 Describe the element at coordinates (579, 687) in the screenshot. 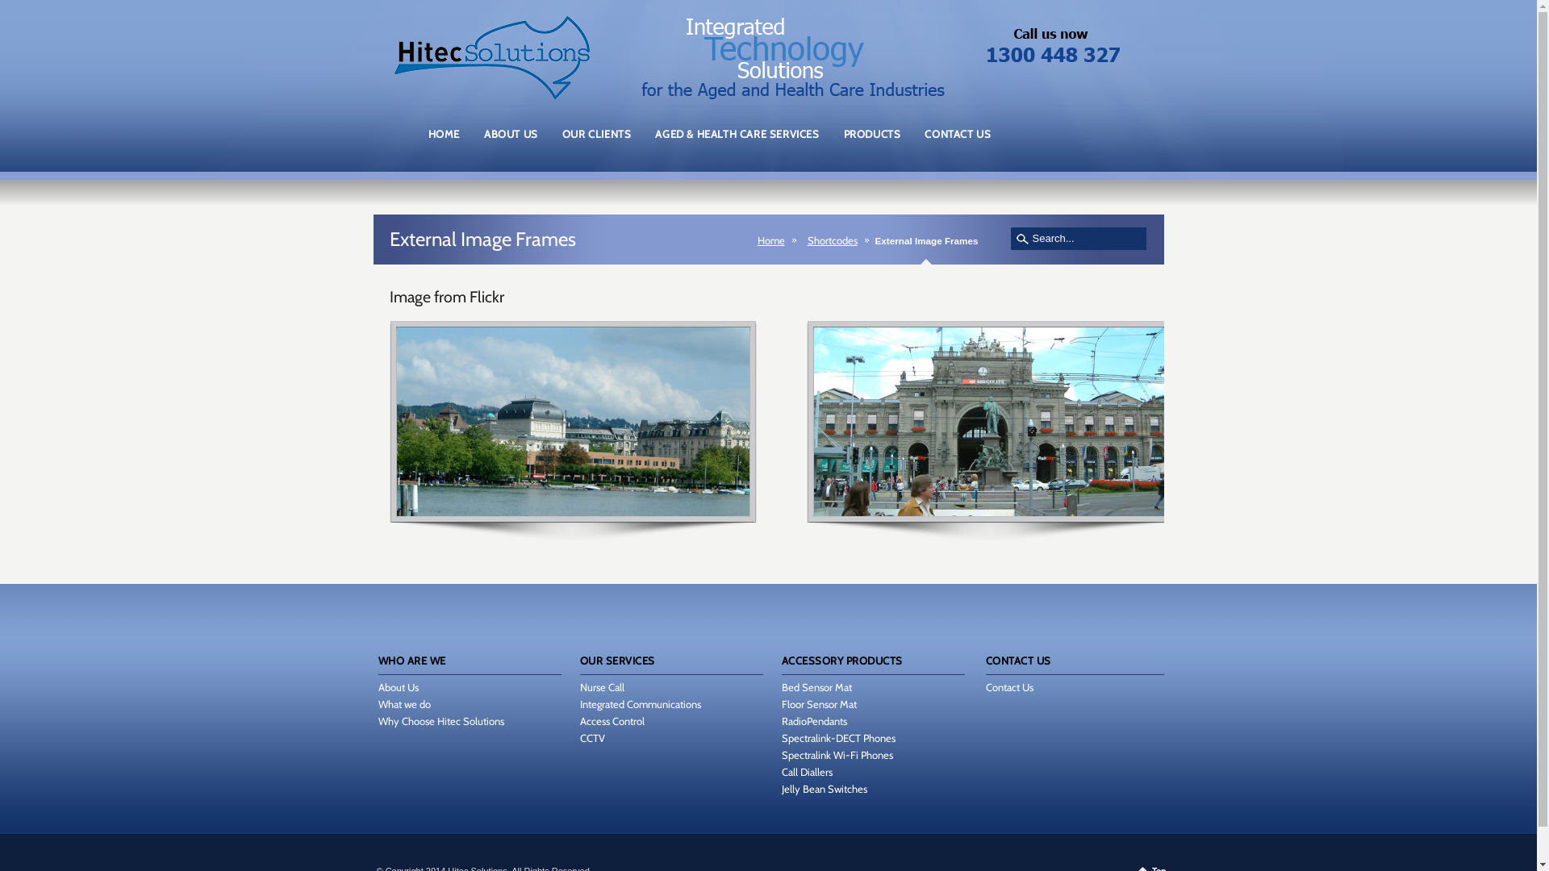

I see `'Nurse Call'` at that location.